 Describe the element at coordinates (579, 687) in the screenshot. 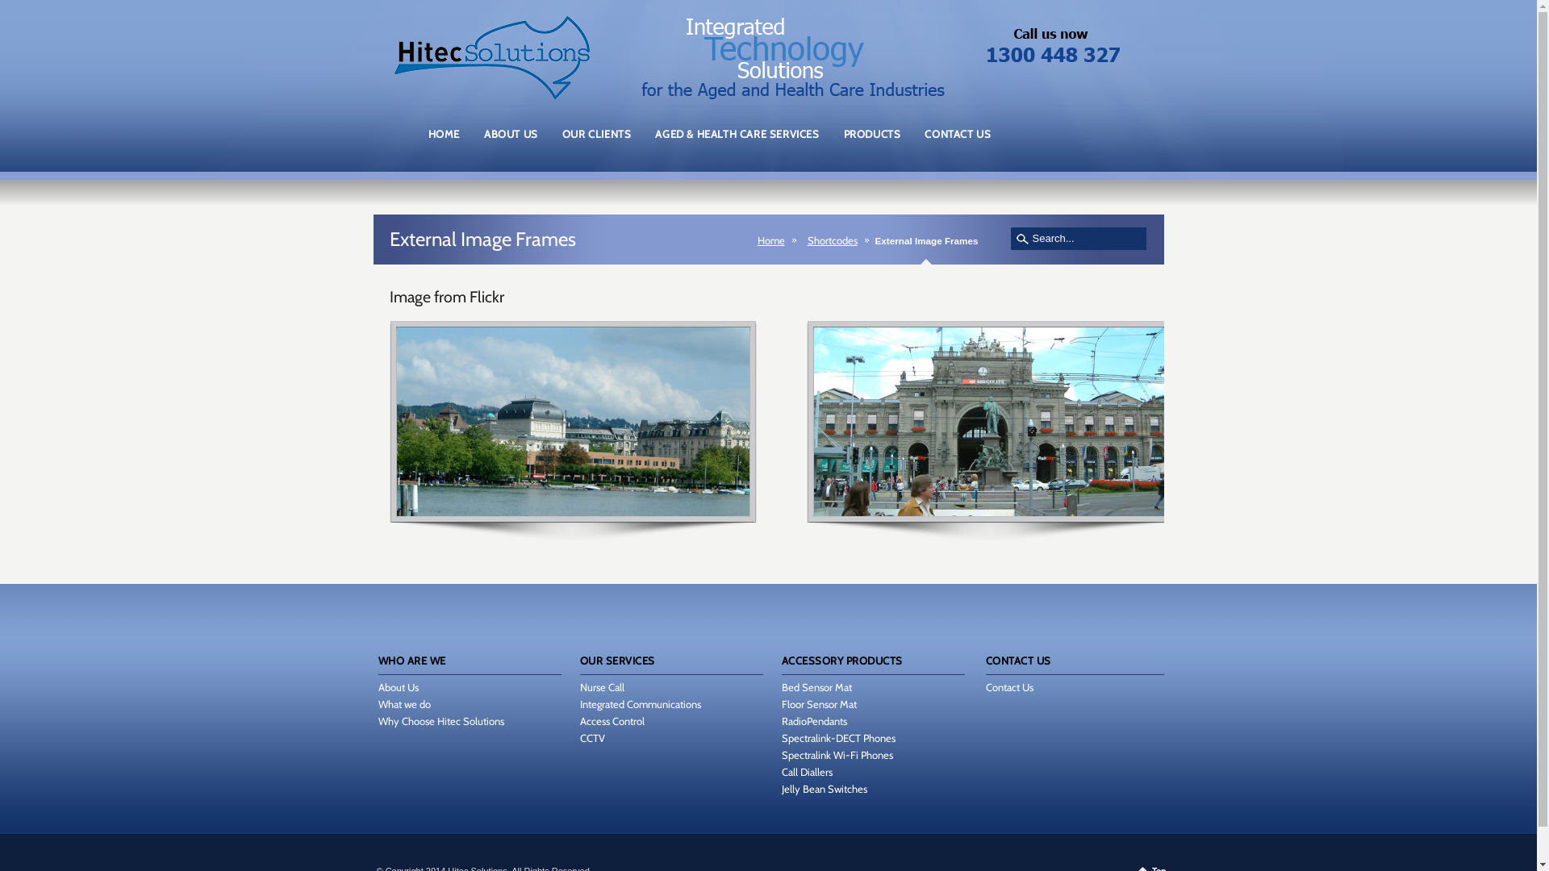

I see `'Nurse Call'` at that location.